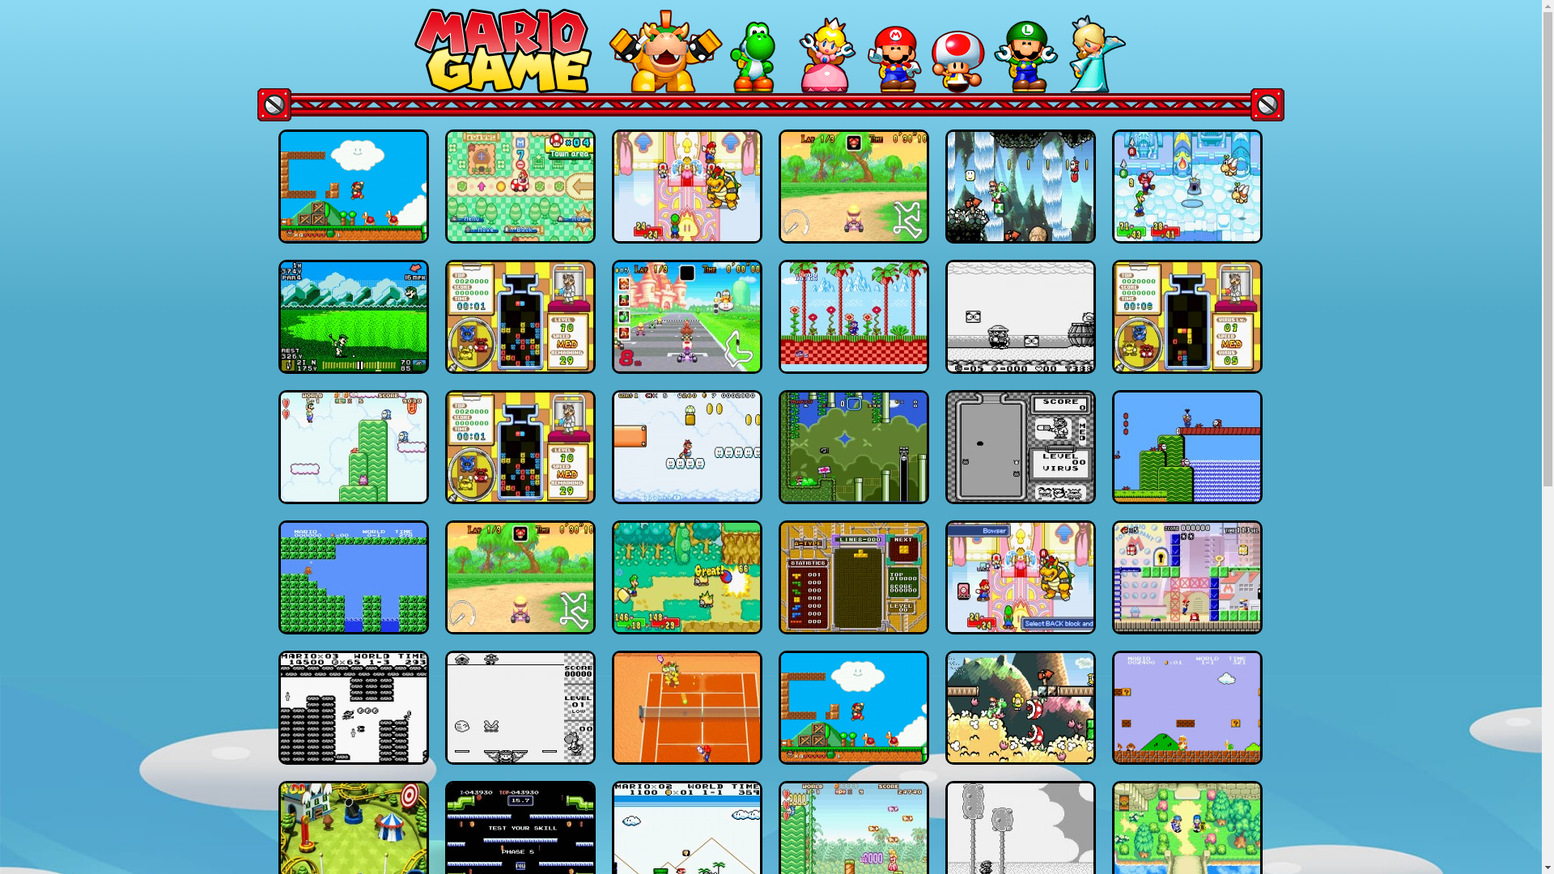 The width and height of the screenshot is (1554, 874). Describe the element at coordinates (853, 575) in the screenshot. I see `'Tetris and Dr.Mario'` at that location.